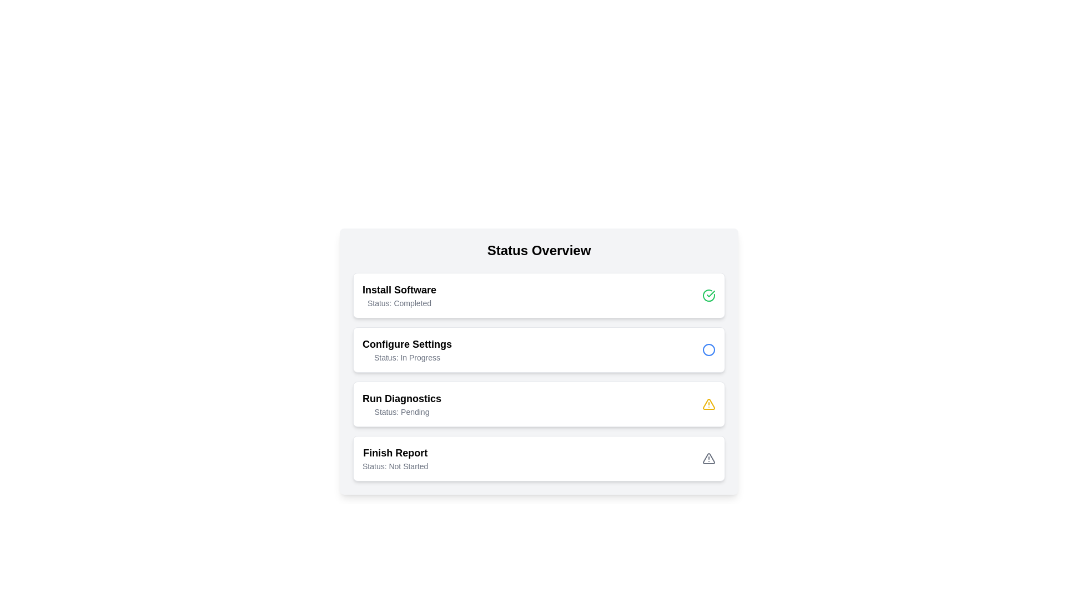 This screenshot has height=599, width=1066. Describe the element at coordinates (539, 350) in the screenshot. I see `the 'Configure Settings' information display card, which indicates the task status as 'In Progress'. This card is the second entry in the 'Status Overview' section, situated between the 'Install Software' and 'Run Diagnostics' cards` at that location.